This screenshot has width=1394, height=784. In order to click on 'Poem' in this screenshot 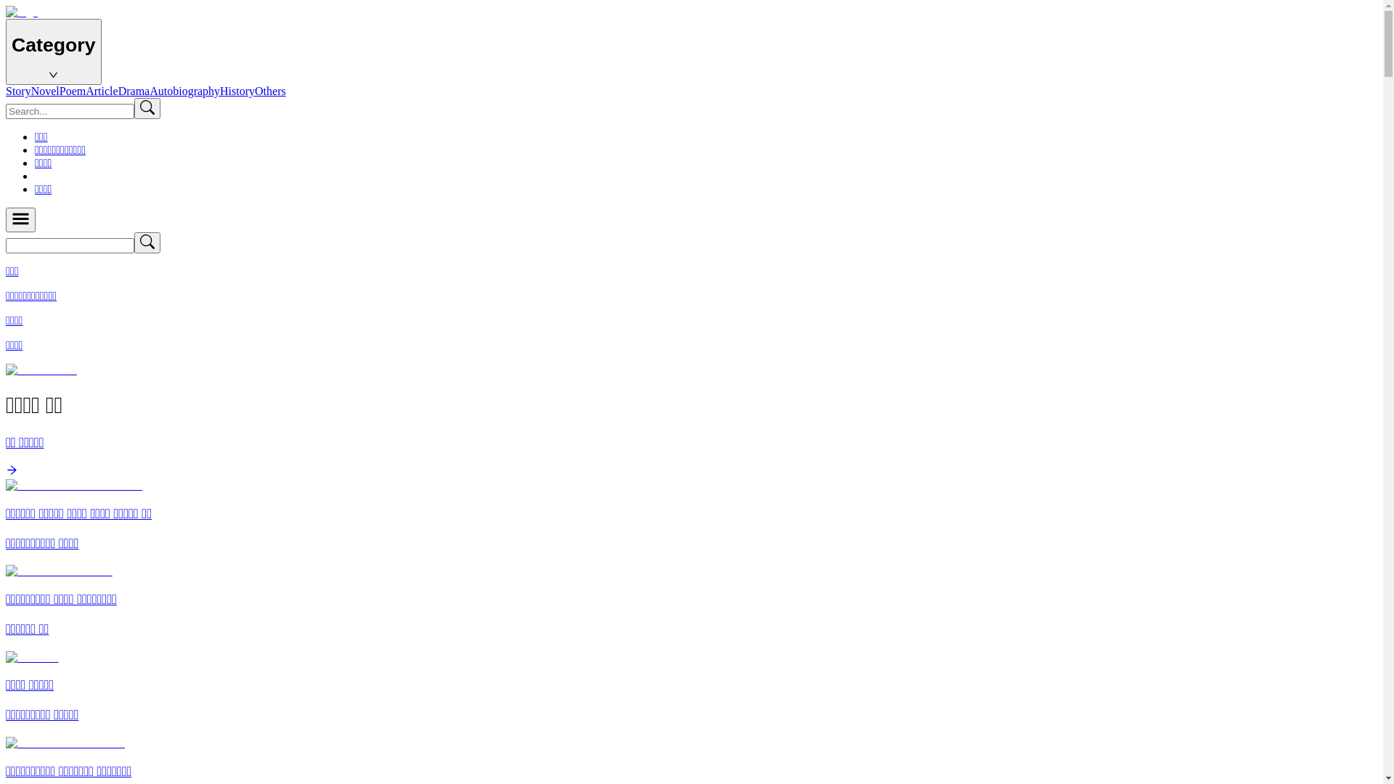, I will do `click(72, 91)`.